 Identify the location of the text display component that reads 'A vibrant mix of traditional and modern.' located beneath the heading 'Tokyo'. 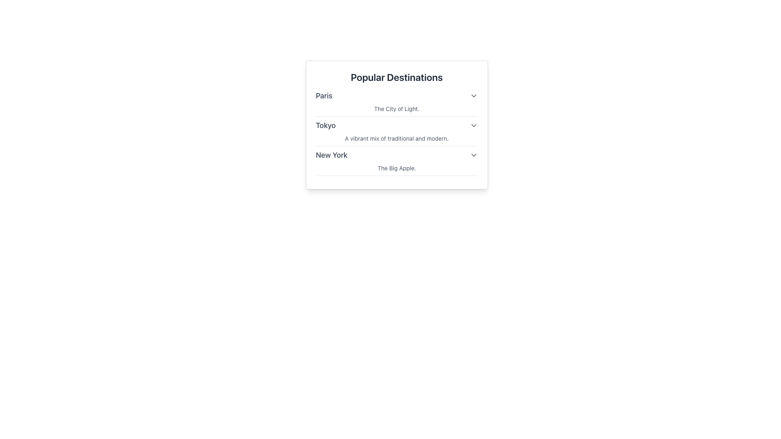
(397, 138).